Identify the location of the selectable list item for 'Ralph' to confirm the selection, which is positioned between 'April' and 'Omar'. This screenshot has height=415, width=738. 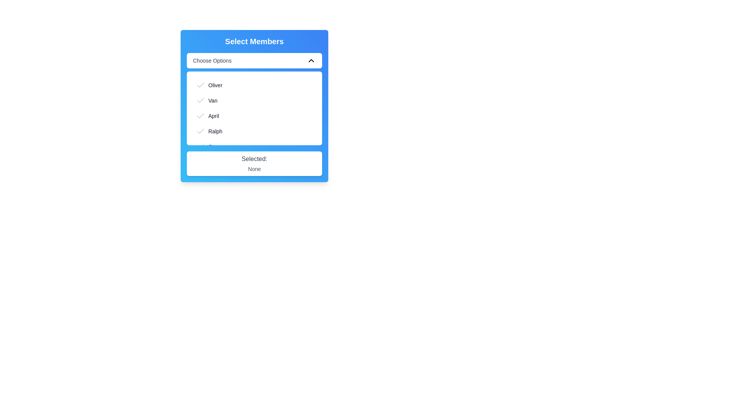
(254, 131).